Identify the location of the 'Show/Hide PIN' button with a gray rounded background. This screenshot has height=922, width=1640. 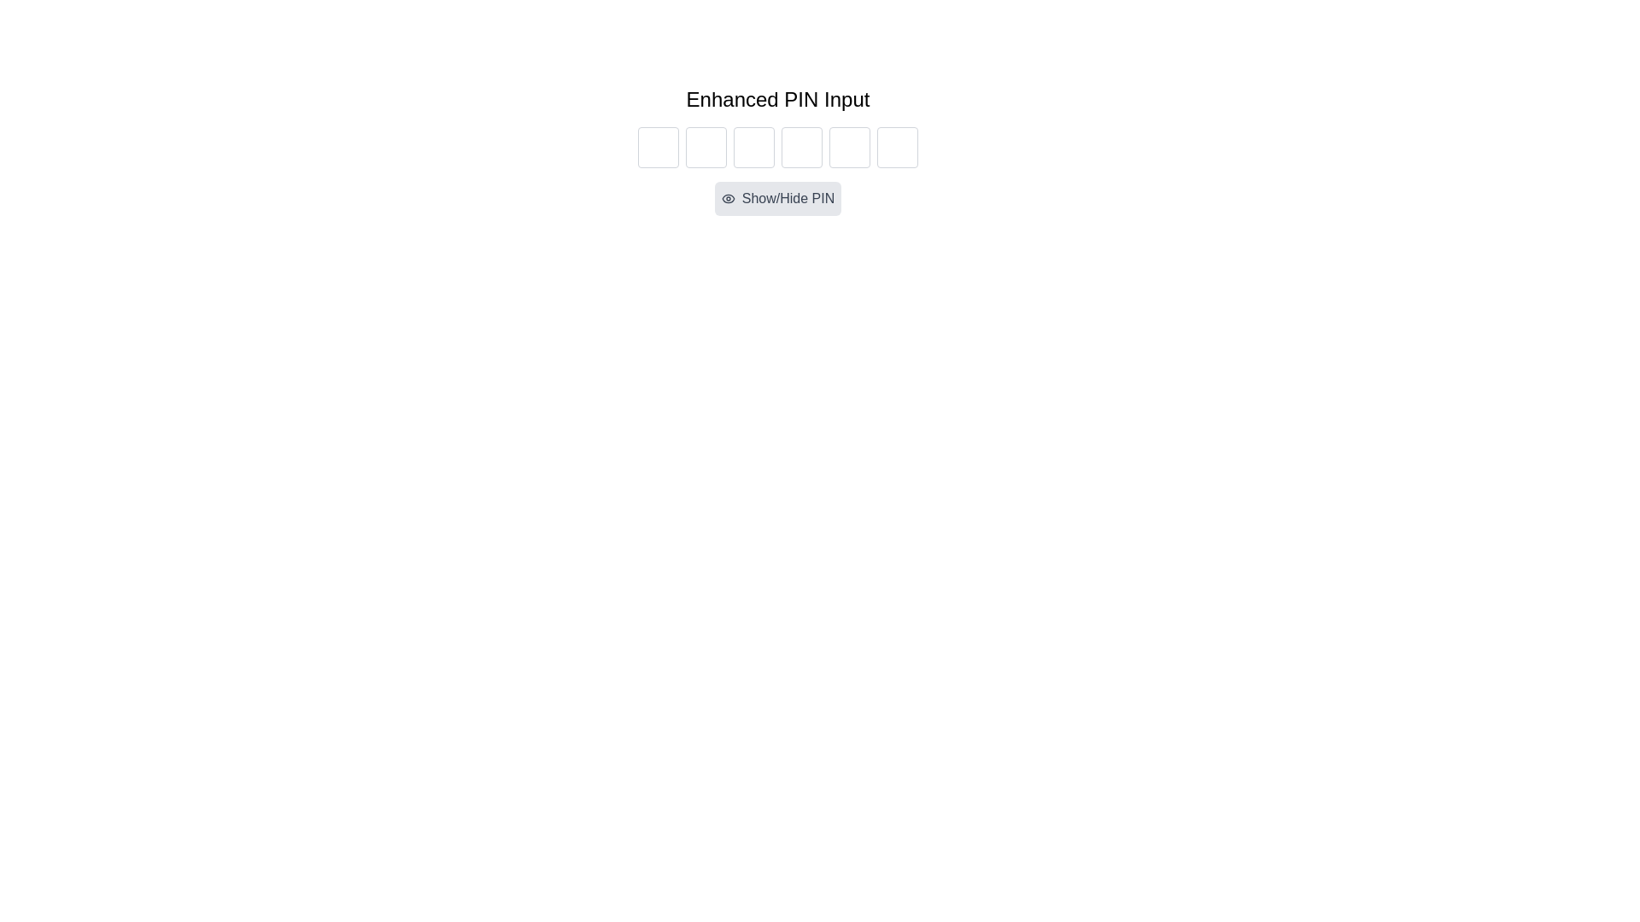
(777, 171).